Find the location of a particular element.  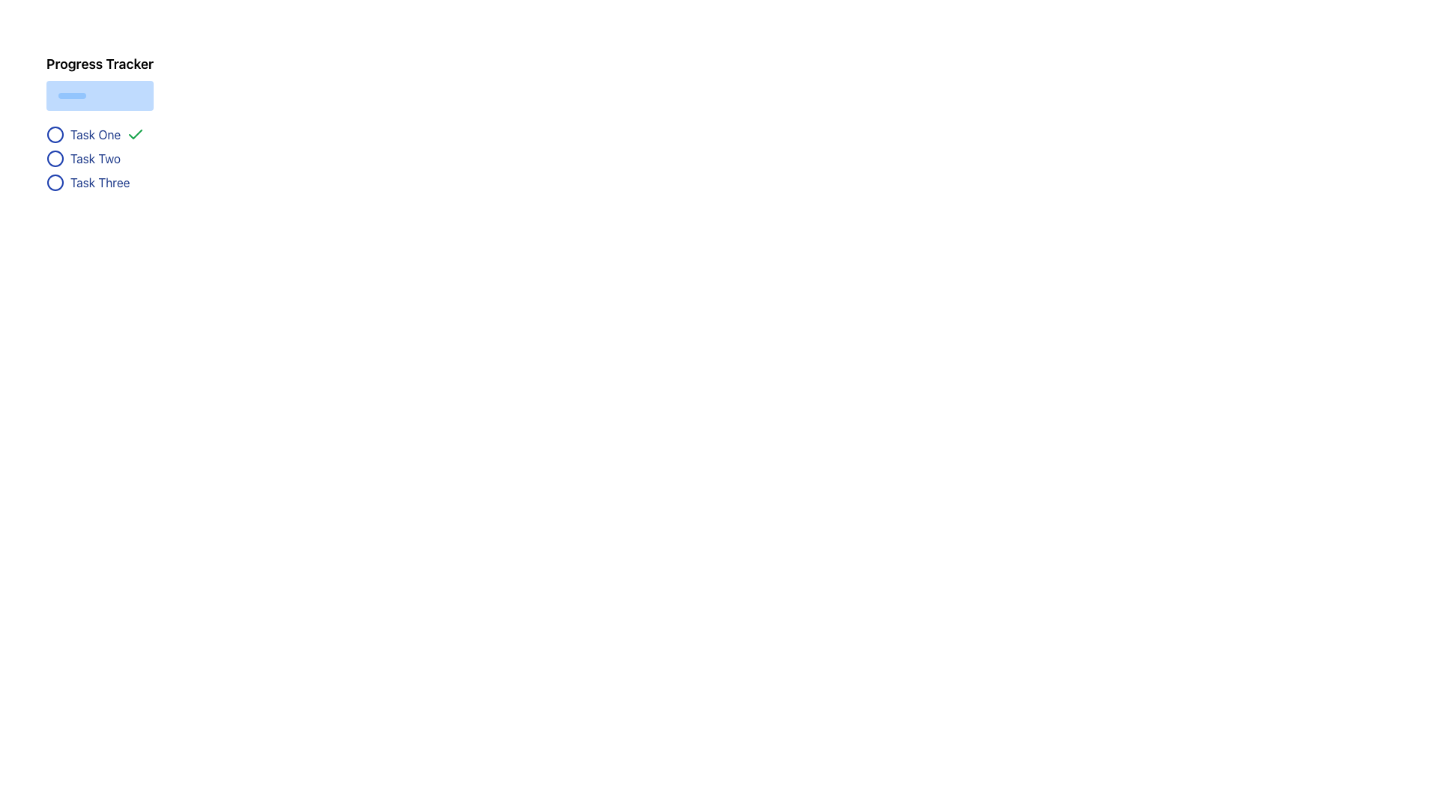

the first SVG circle status indicator with a blue outline and white fill, located to the left of the text label 'Task One', to update the task status is located at coordinates (55, 135).